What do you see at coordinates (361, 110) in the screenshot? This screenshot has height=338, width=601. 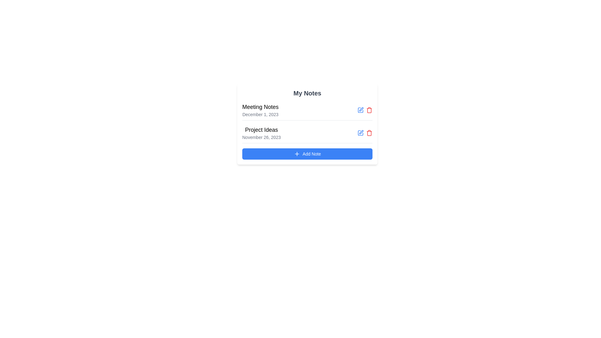 I see `the SVG icon representing a square with rounded edges, located adjacent to the text 'Meeting Notes'` at bounding box center [361, 110].